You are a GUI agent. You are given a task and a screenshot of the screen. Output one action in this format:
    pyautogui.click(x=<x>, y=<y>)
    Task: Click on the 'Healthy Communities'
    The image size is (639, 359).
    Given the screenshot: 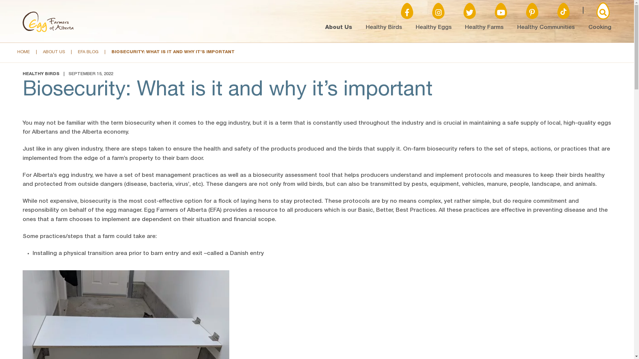 What is the action you would take?
    pyautogui.click(x=546, y=27)
    